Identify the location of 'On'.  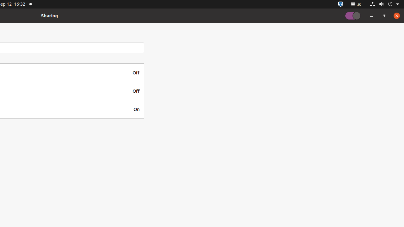
(136, 109).